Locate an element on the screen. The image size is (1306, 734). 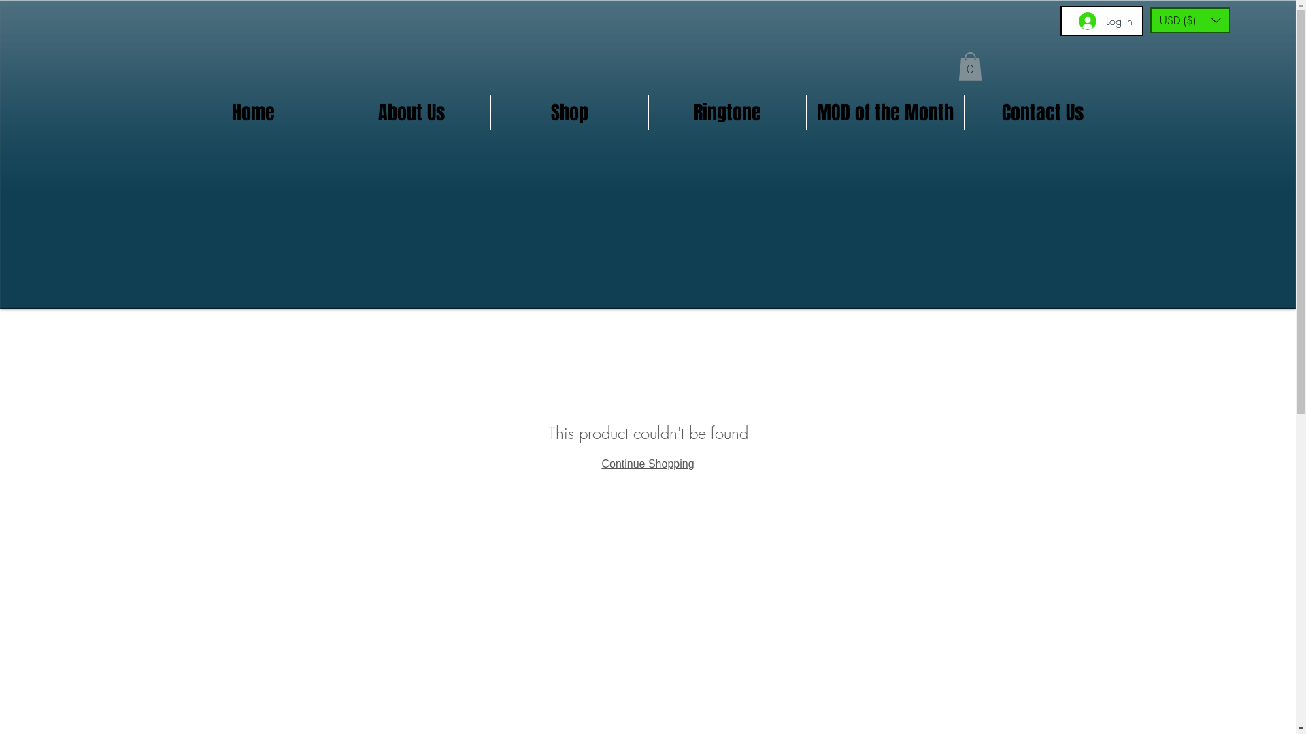
'About Us' is located at coordinates (411, 111).